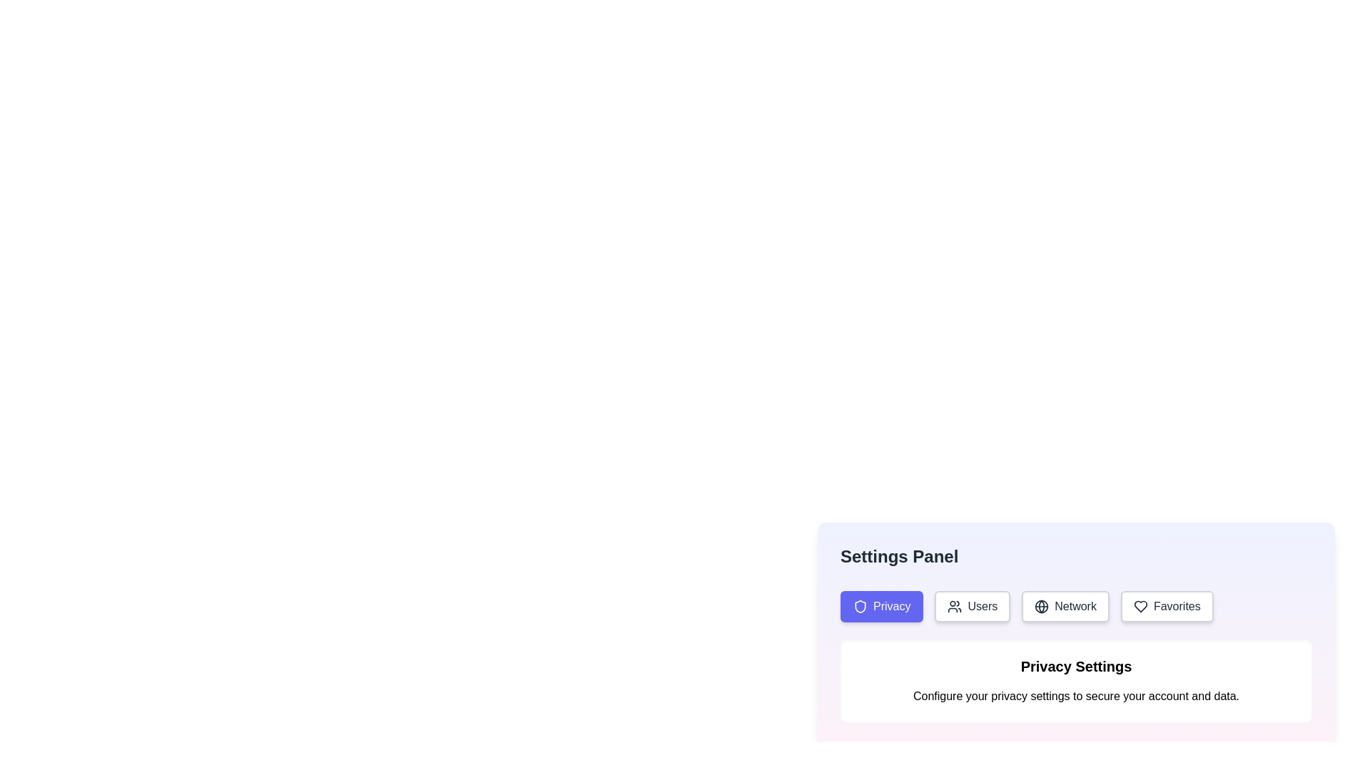 This screenshot has width=1370, height=770. What do you see at coordinates (859, 607) in the screenshot?
I see `the 'Privacy' button which contains a shield-shaped icon for accessing privacy settings` at bounding box center [859, 607].